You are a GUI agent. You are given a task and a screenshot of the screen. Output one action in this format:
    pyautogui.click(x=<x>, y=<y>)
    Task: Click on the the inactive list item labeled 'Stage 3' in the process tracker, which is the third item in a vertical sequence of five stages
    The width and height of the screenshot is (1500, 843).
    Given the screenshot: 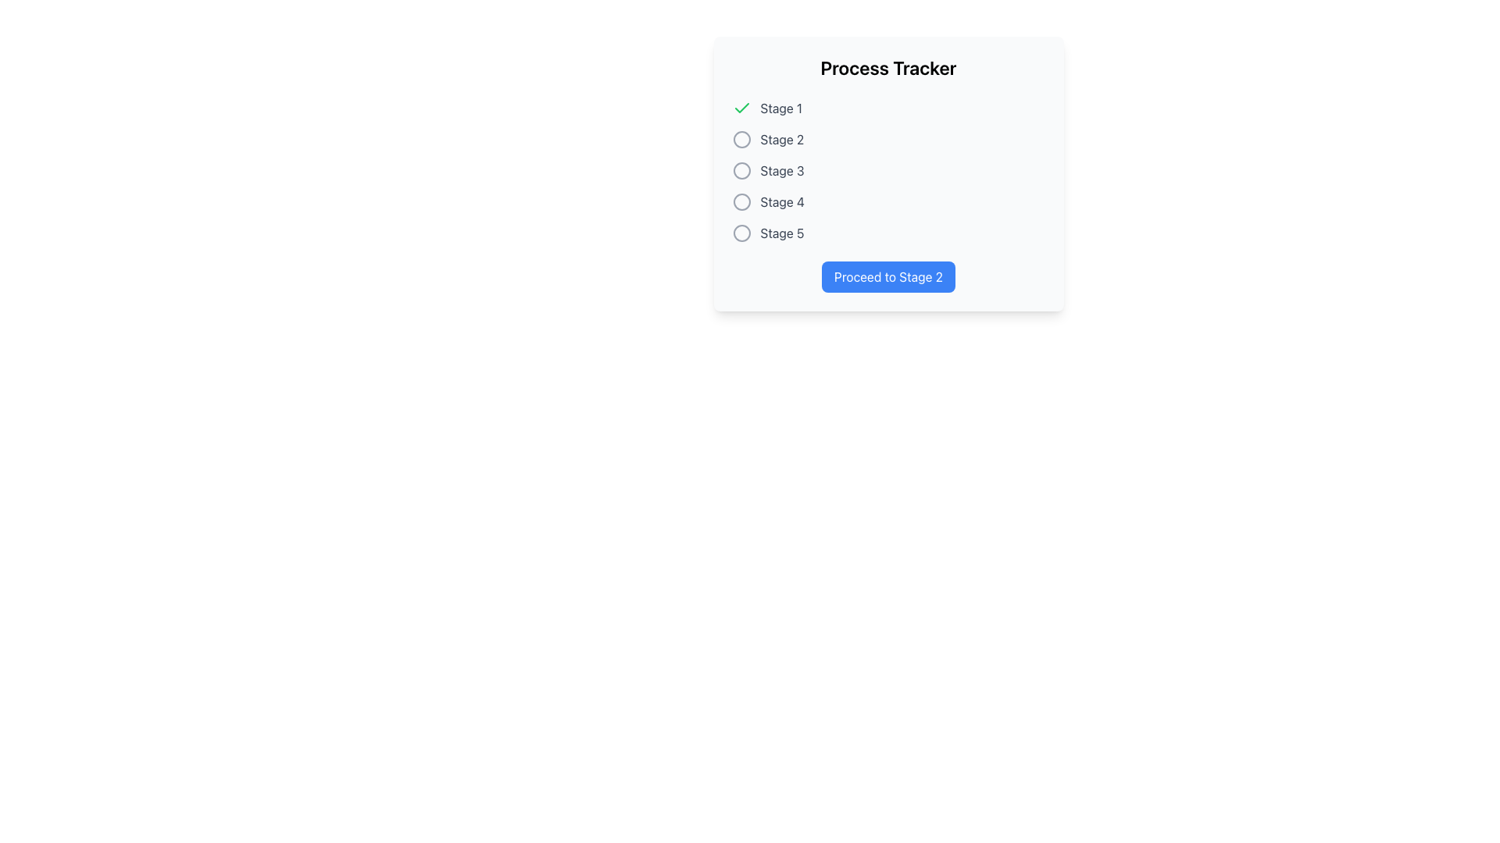 What is the action you would take?
    pyautogui.click(x=888, y=171)
    